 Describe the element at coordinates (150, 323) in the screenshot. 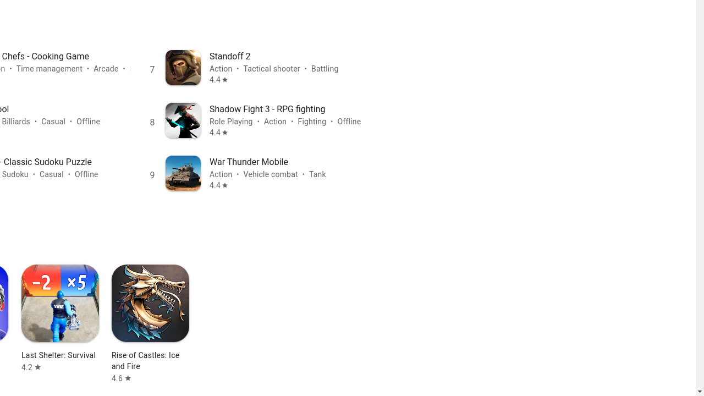

I see `'Rise of Castles: Ice and Fire Rated 4.6 stars out of five stars'` at that location.